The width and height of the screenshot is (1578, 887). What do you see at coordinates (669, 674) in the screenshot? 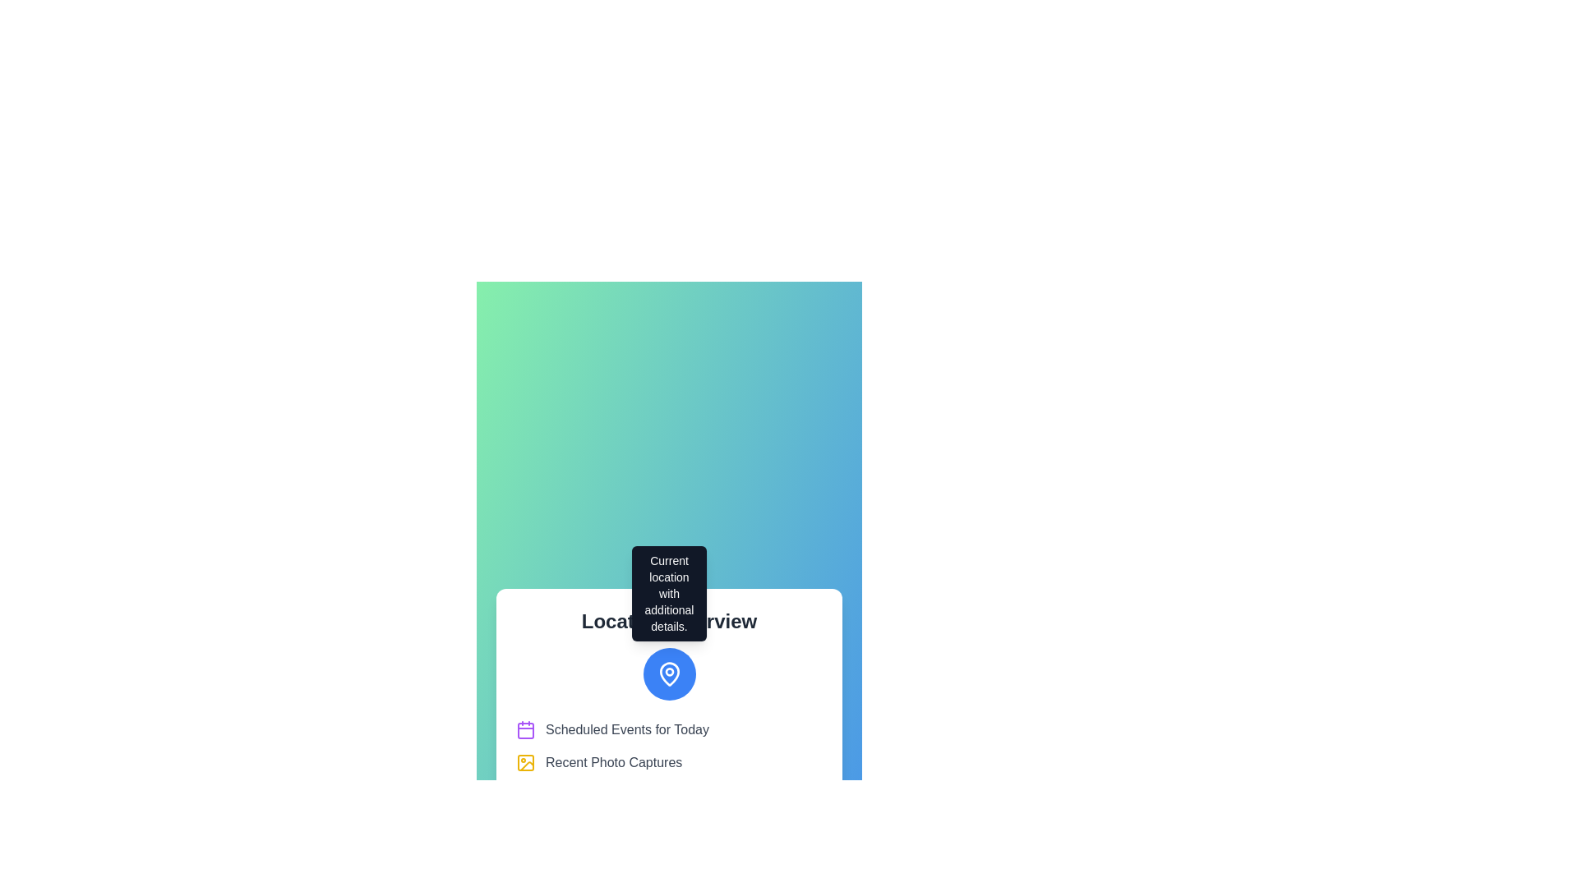
I see `the SVG icon representing a map pin, which is styled as an outline and located within a prominent circular blue background icon at the center of a card displaying location overview information` at bounding box center [669, 674].